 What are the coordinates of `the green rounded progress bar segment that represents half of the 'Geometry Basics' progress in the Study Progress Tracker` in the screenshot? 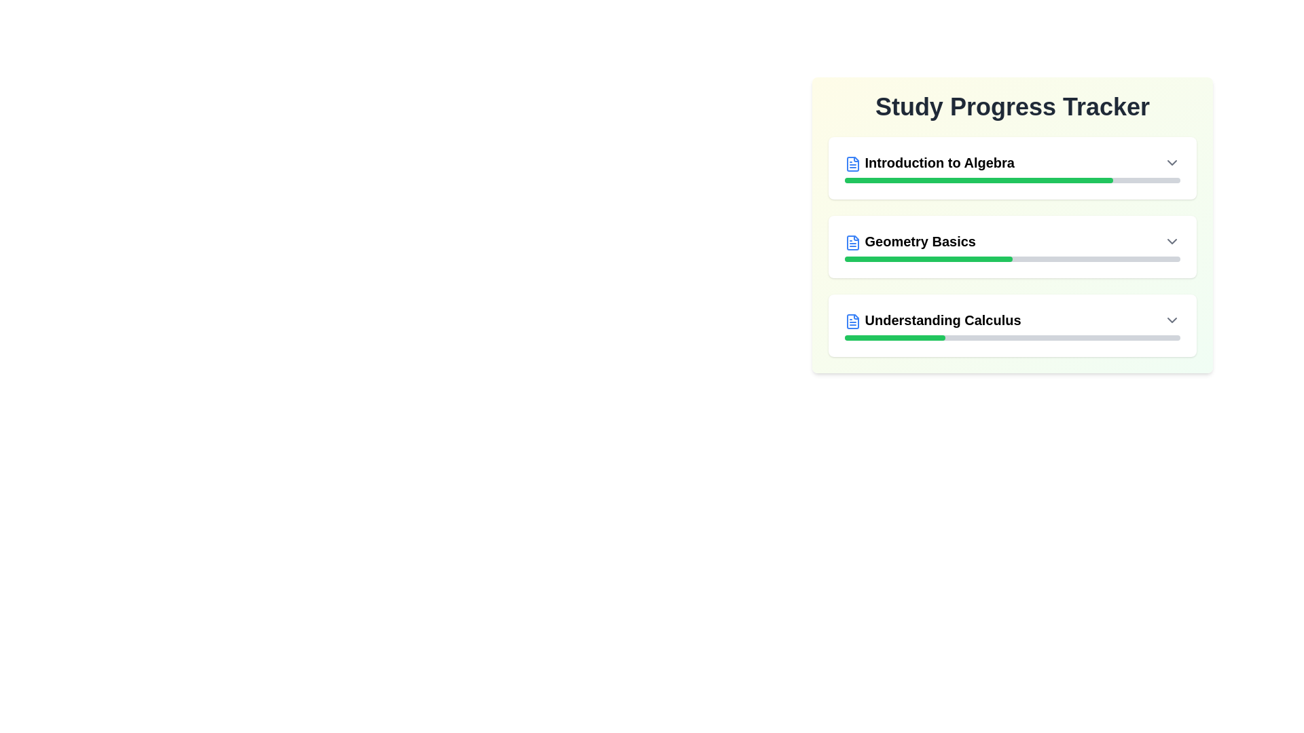 It's located at (928, 259).